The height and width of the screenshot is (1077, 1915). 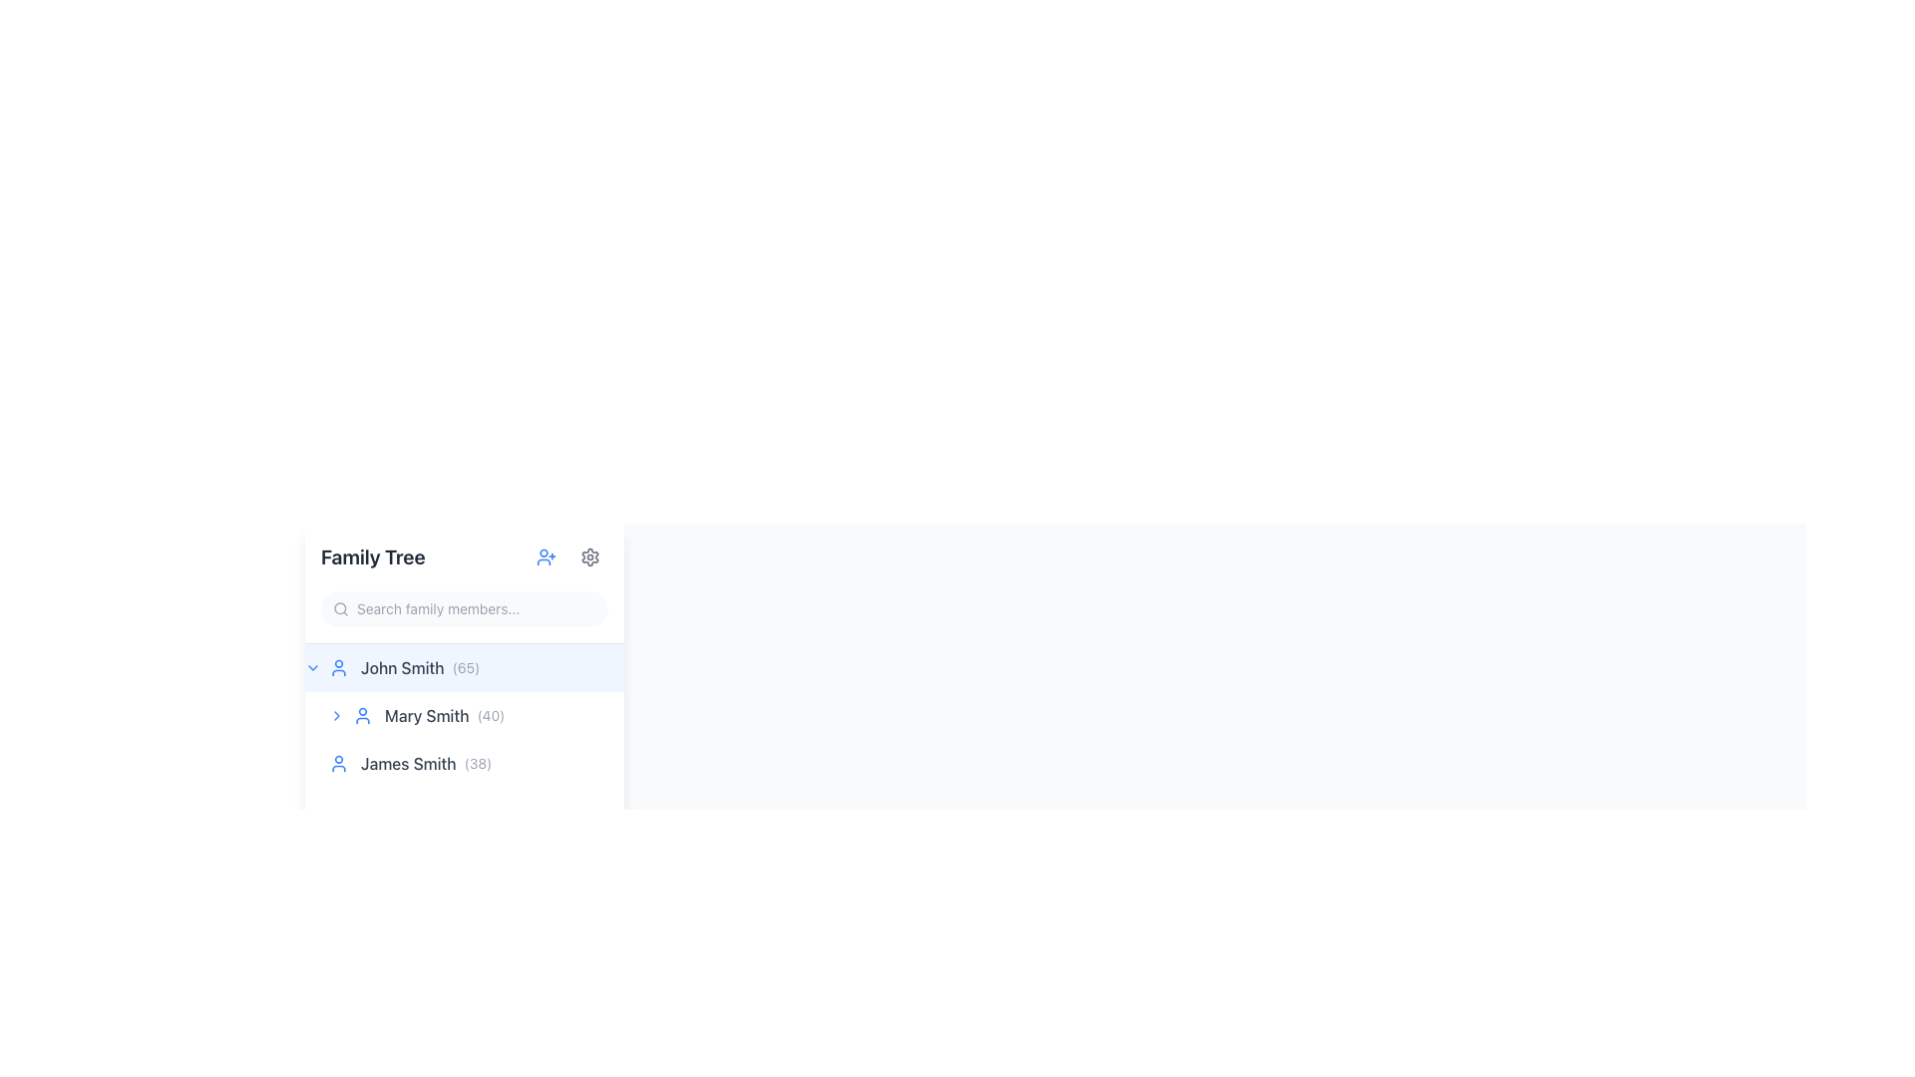 What do you see at coordinates (401, 668) in the screenshot?
I see `the static text element displaying 'John Smith' within the highlighted list item` at bounding box center [401, 668].